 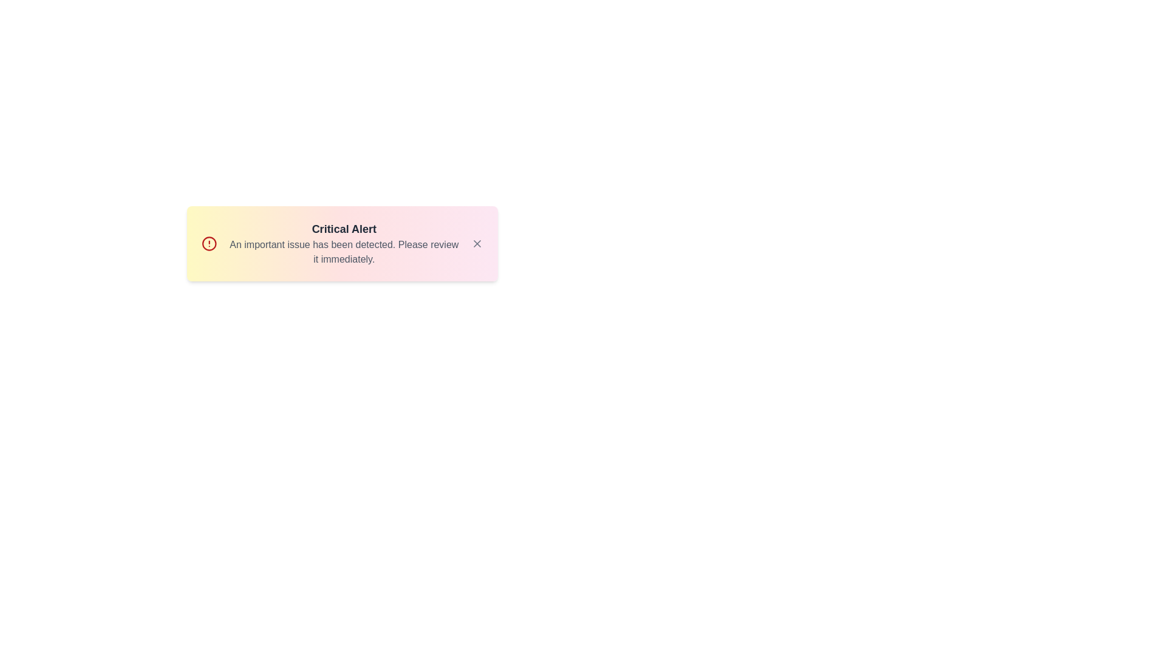 I want to click on the Close Icon Button located in the top-right portion of the 'Critical Alert' notification banner, so click(x=477, y=243).